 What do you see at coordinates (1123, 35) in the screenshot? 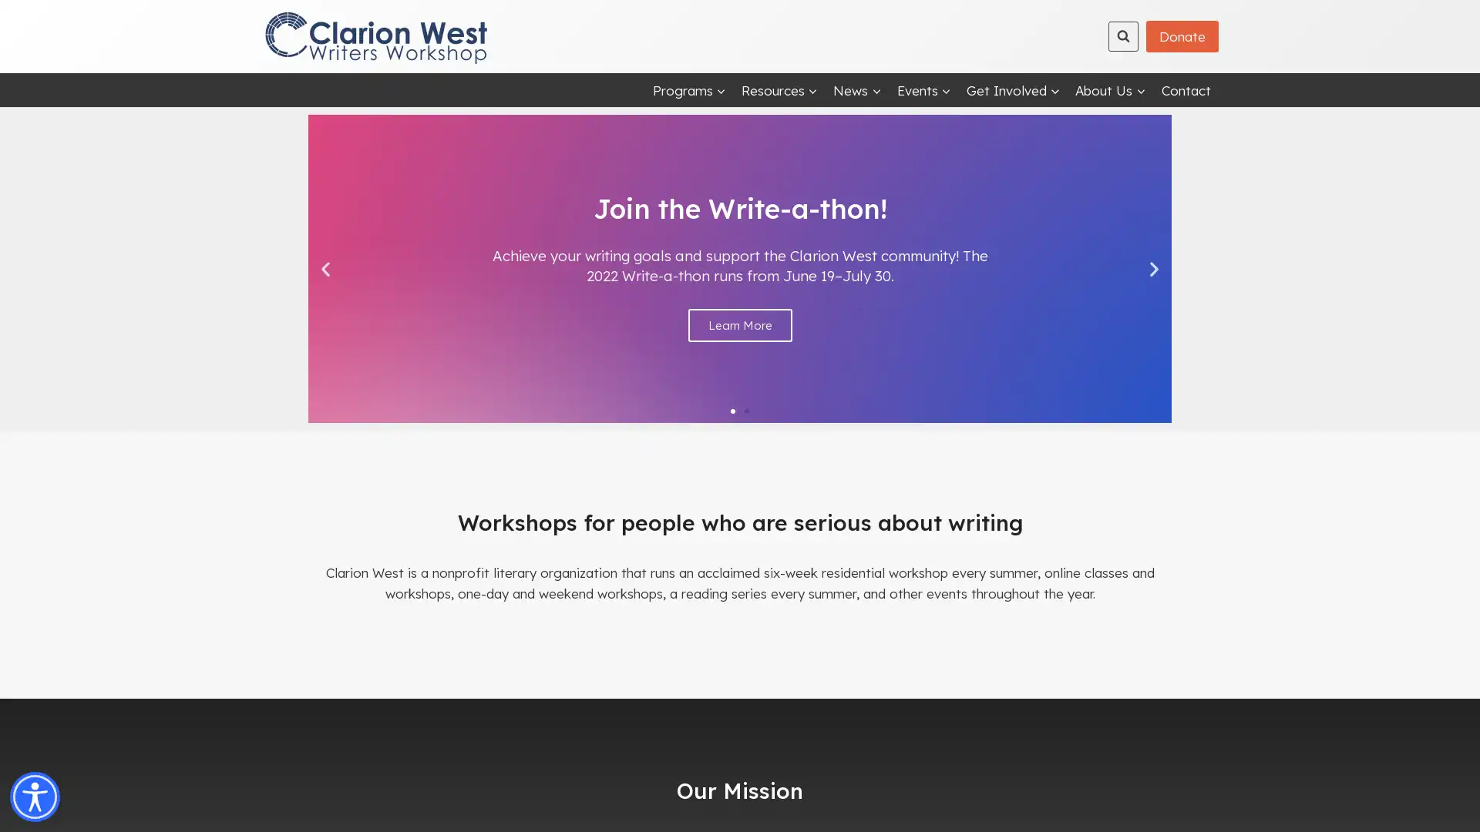
I see `View Search Form` at bounding box center [1123, 35].